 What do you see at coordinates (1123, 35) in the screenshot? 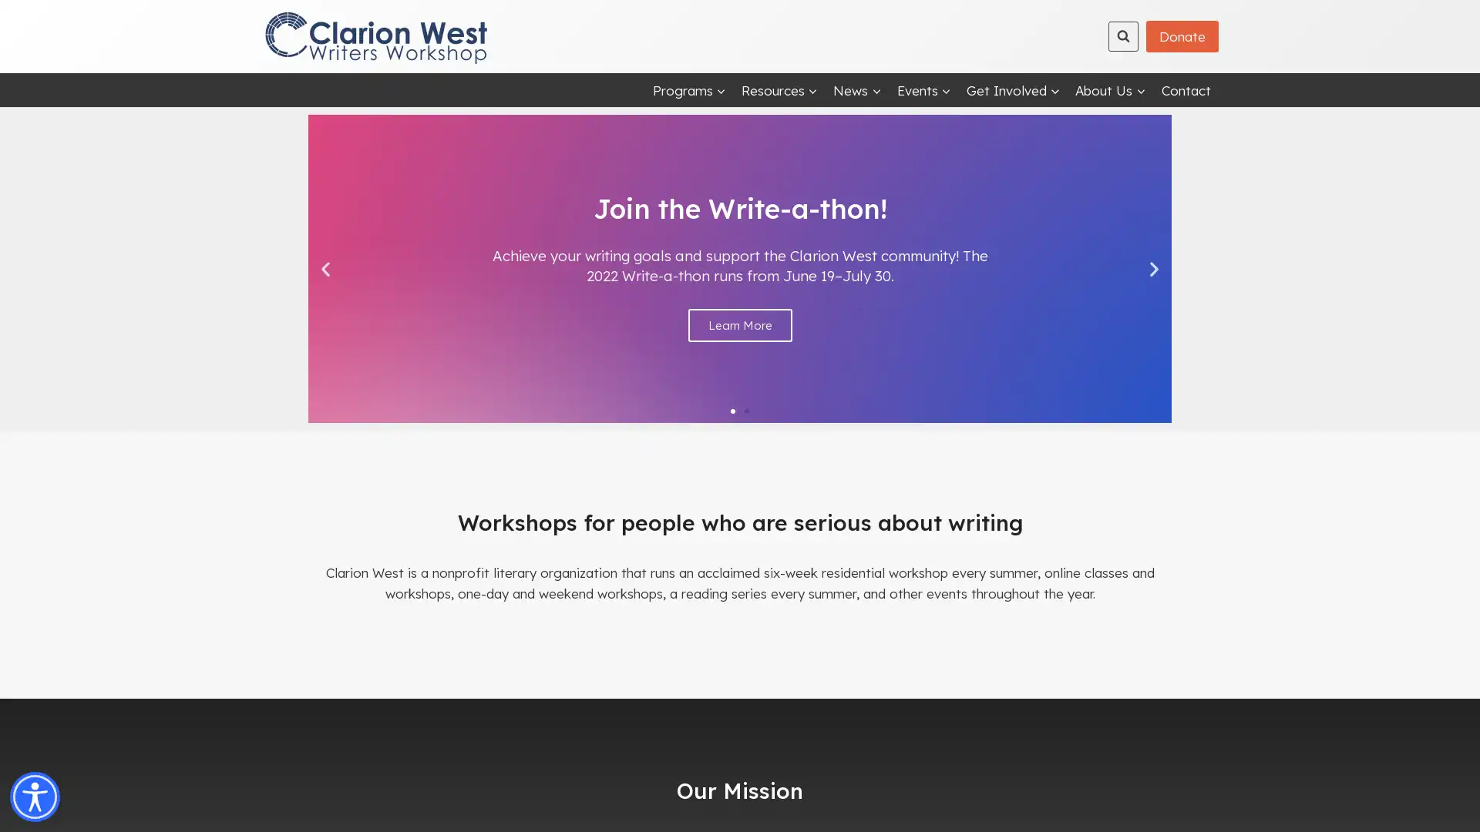
I see `View Search Form` at bounding box center [1123, 35].